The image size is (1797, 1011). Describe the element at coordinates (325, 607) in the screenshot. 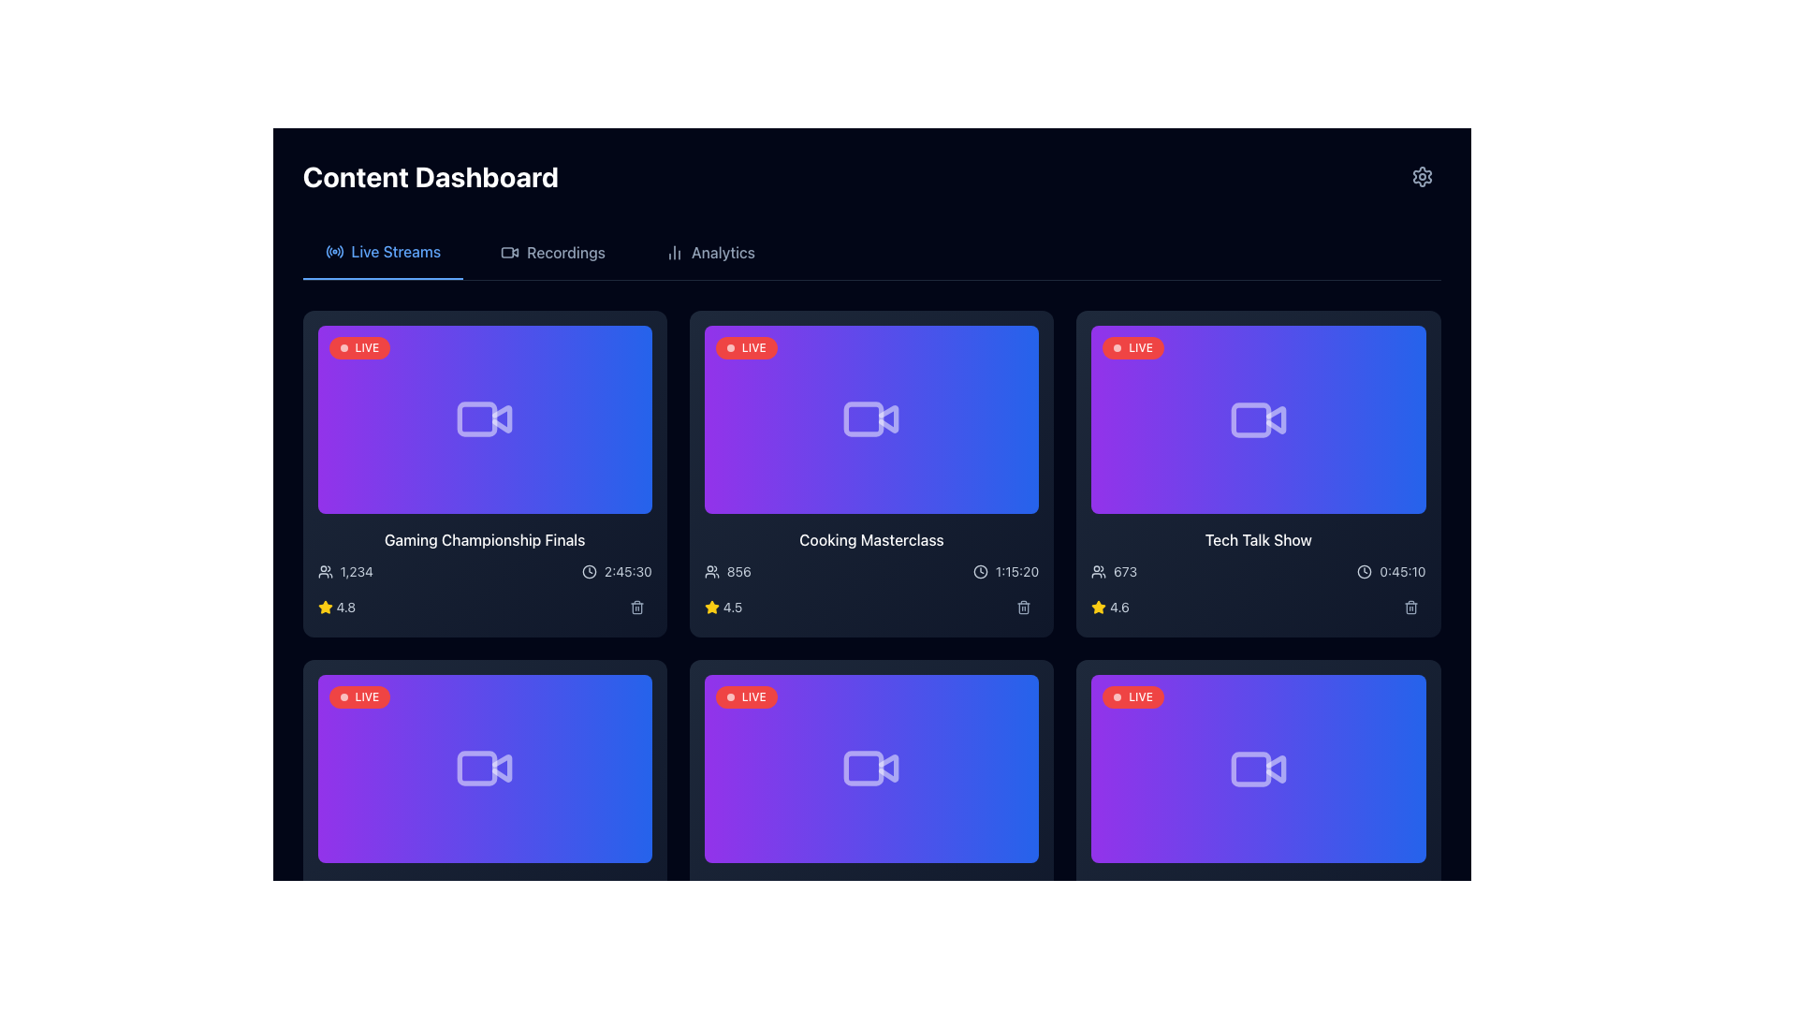

I see `the rating icon located to the left of the text value '4.8' in the rating section of the first card in the grid layout` at that location.